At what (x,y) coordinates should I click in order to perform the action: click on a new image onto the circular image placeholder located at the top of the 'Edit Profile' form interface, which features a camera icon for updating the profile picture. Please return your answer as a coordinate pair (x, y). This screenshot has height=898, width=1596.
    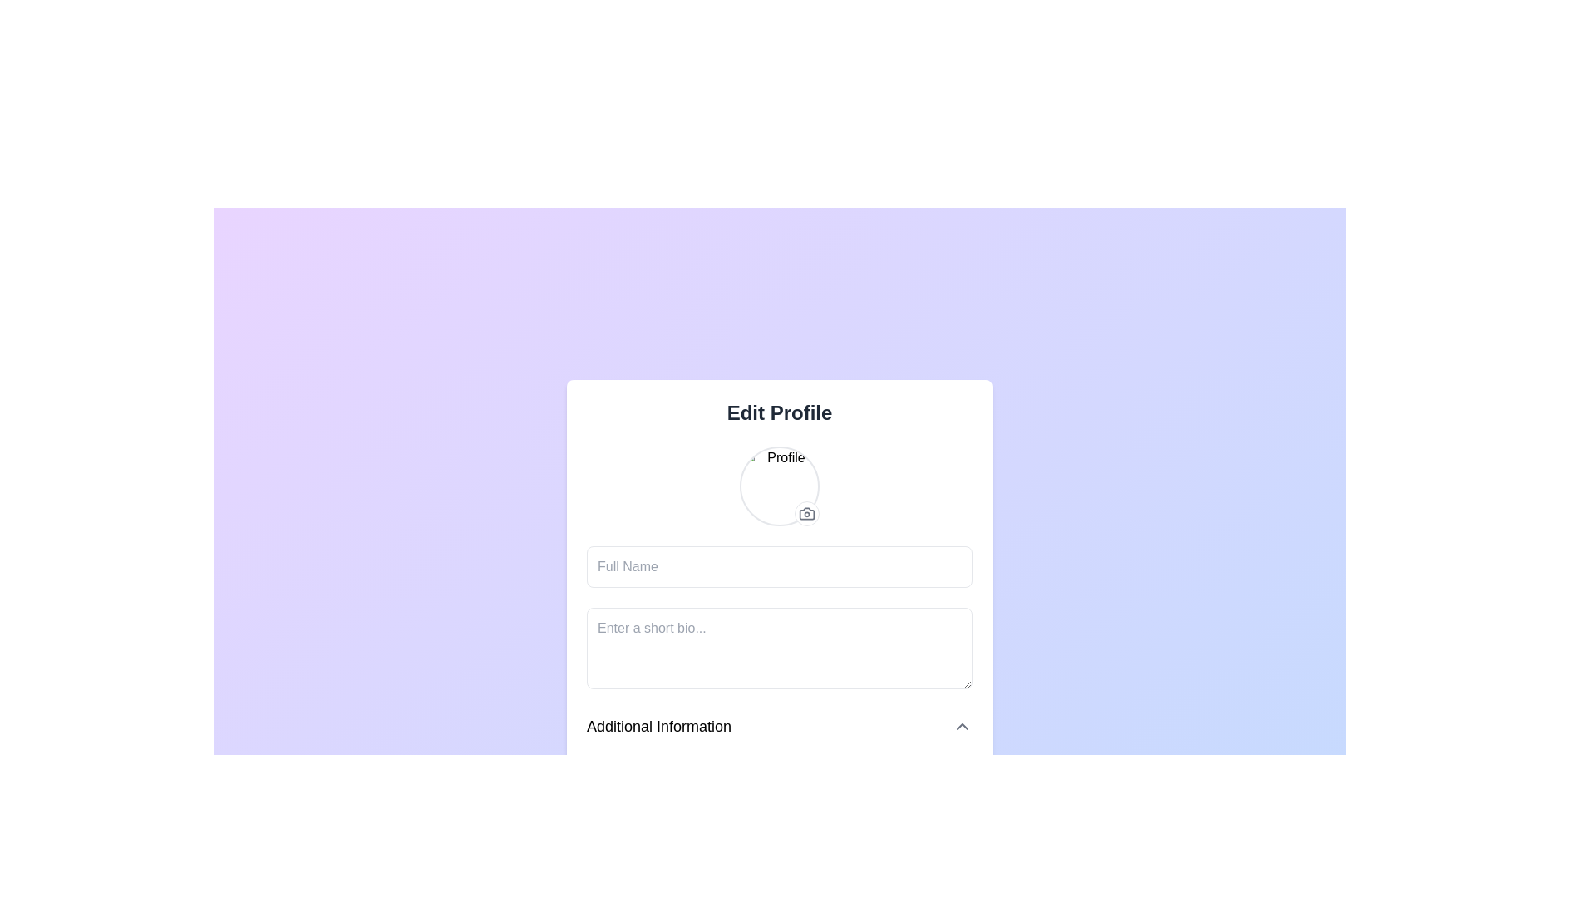
    Looking at the image, I should click on (778, 486).